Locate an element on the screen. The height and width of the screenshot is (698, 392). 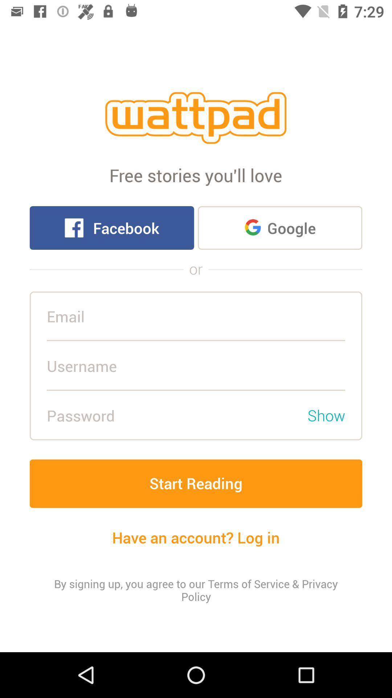
show is located at coordinates (326, 415).